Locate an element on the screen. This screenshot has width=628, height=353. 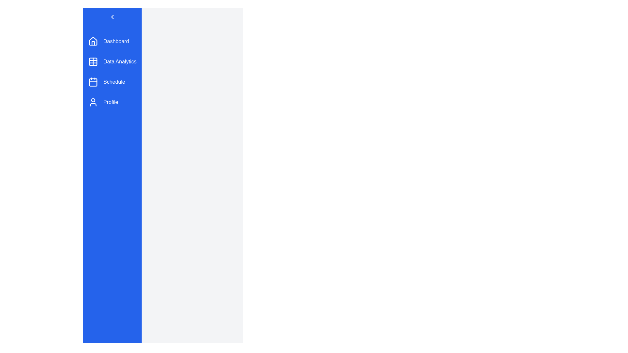
the main content area to focus on it is located at coordinates (426, 184).